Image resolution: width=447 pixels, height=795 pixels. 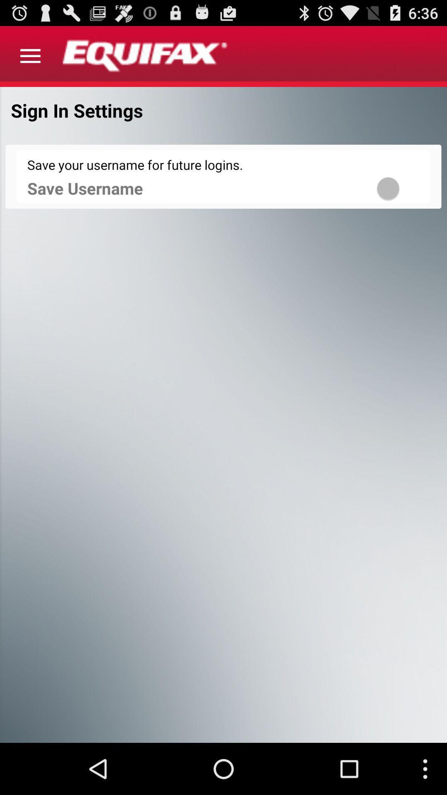 I want to click on item at the top right corner, so click(x=399, y=188).